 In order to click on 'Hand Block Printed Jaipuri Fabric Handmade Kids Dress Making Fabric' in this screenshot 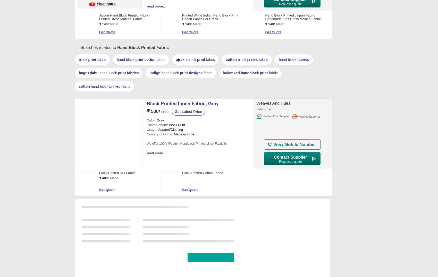, I will do `click(293, 17)`.